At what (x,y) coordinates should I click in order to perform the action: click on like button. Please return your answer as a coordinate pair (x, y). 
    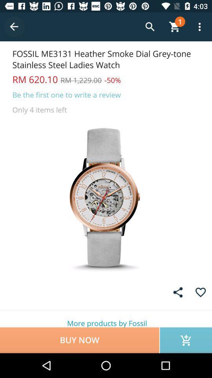
    Looking at the image, I should click on (201, 292).